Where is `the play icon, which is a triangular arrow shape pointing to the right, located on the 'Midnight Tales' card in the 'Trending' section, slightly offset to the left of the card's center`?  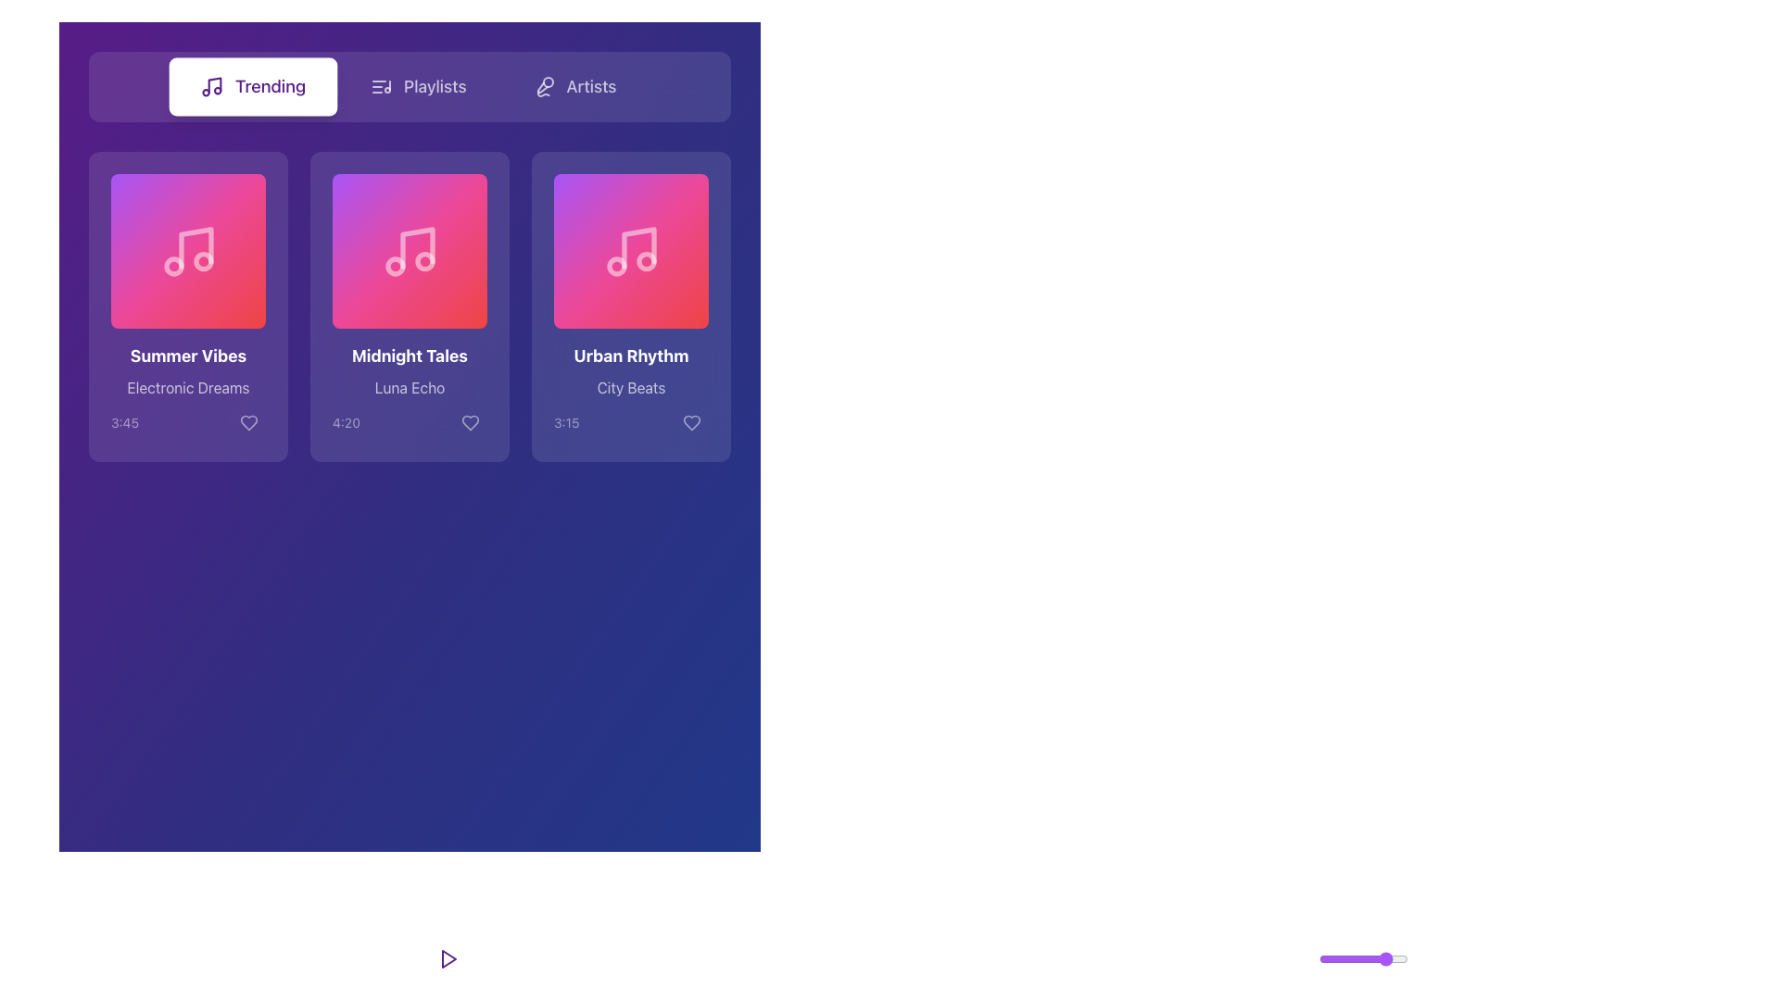
the play icon, which is a triangular arrow shape pointing to the right, located on the 'Midnight Tales' card in the 'Trending' section, slightly offset to the left of the card's center is located at coordinates (411, 251).